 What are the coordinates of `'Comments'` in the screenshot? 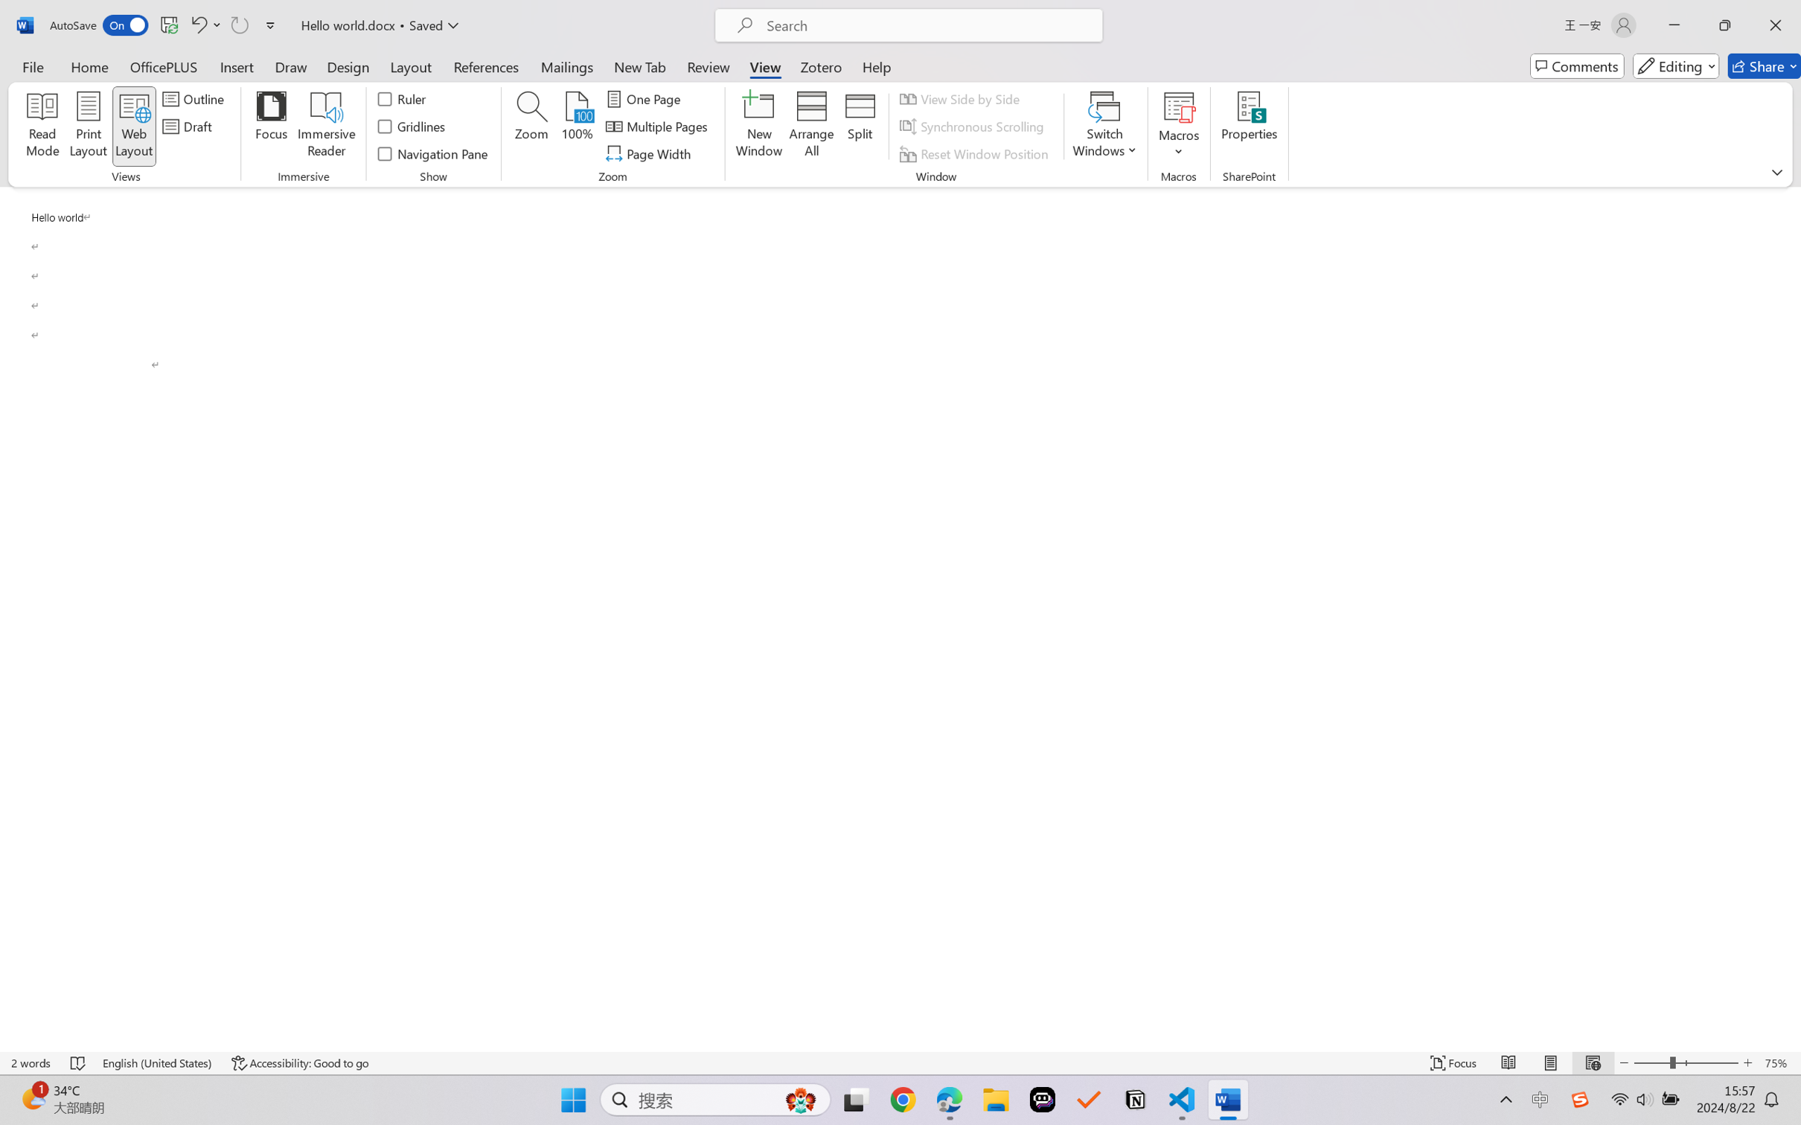 It's located at (1576, 65).